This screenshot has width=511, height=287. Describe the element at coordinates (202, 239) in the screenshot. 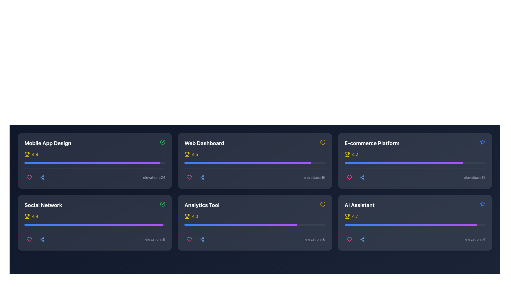

I see `the sharing SVG icon located in the bottom-right section of the 'Analytics Tool' card` at that location.